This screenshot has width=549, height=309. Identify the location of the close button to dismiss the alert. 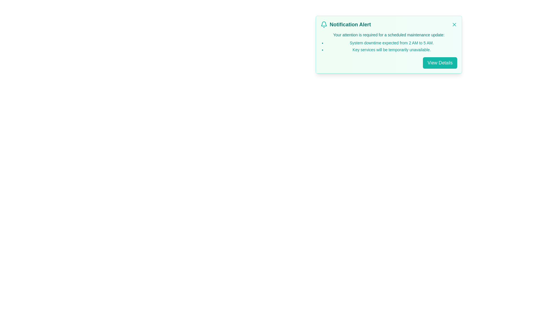
(454, 24).